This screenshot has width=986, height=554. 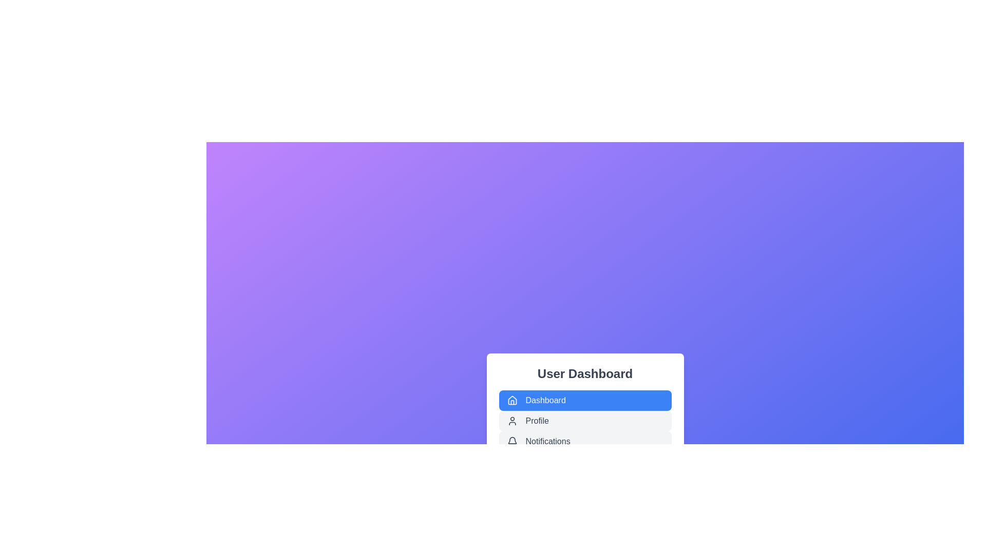 What do you see at coordinates (585, 441) in the screenshot?
I see `the 'Notifications' button, which is the third button in the navigation menu` at bounding box center [585, 441].